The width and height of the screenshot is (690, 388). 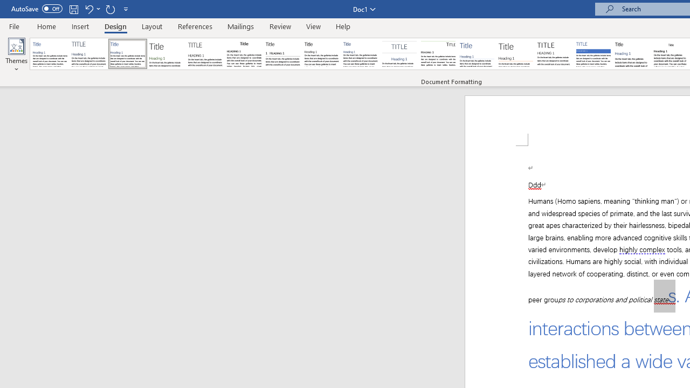 I want to click on 'Black & White (Numbered)', so click(x=282, y=54).